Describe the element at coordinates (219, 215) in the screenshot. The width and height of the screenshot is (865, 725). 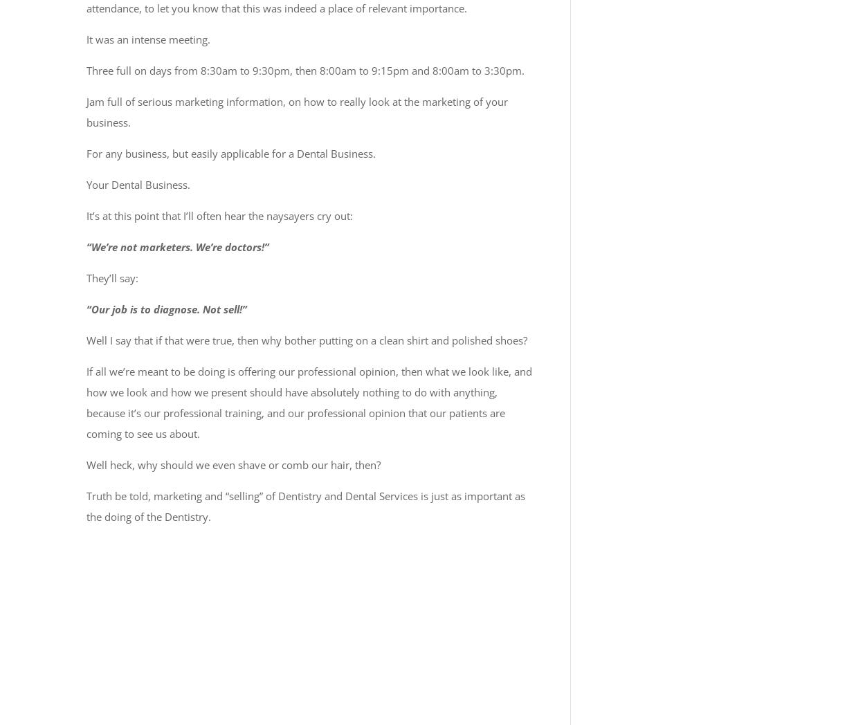
I see `'It’s at this point that I’ll often hear the naysayers cry out:'` at that location.